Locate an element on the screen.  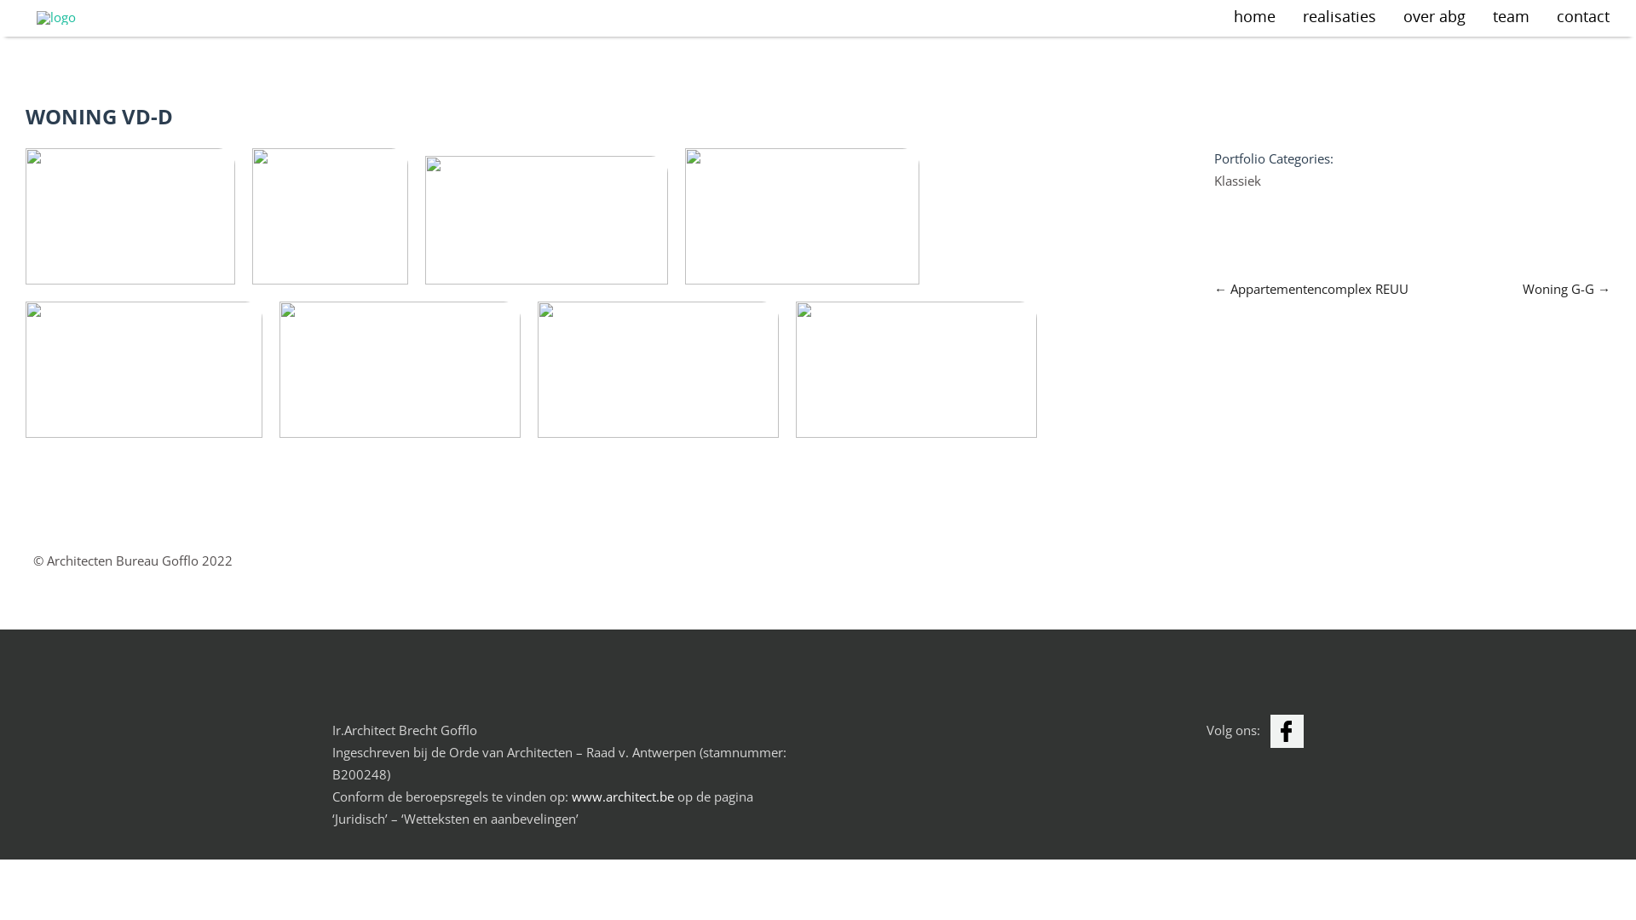
'realisaties' is located at coordinates (1338, 18).